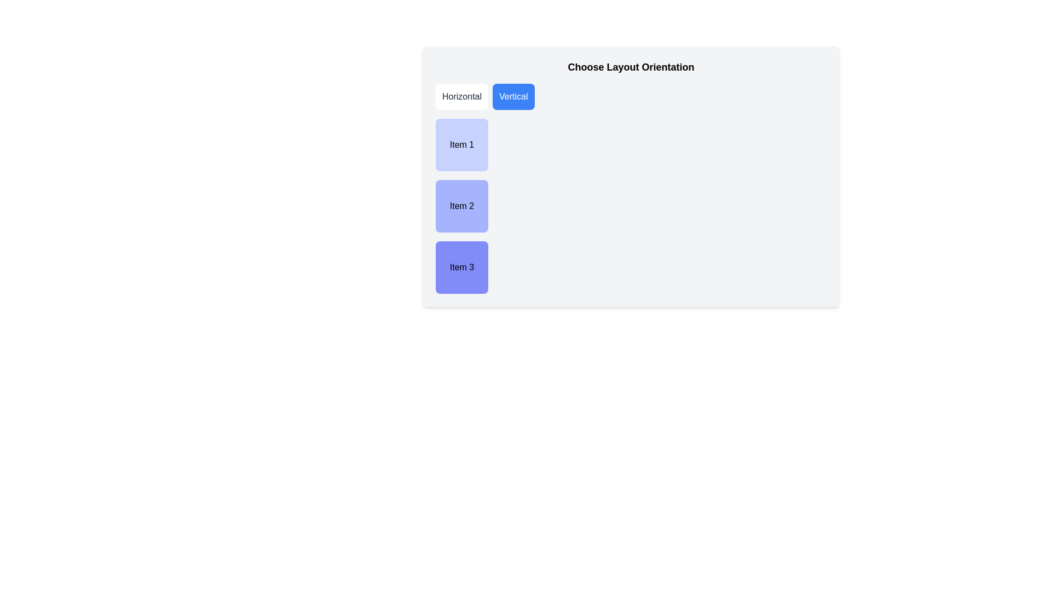 Image resolution: width=1051 pixels, height=591 pixels. I want to click on the leftmost button labeled 'Horizontal', so click(462, 96).